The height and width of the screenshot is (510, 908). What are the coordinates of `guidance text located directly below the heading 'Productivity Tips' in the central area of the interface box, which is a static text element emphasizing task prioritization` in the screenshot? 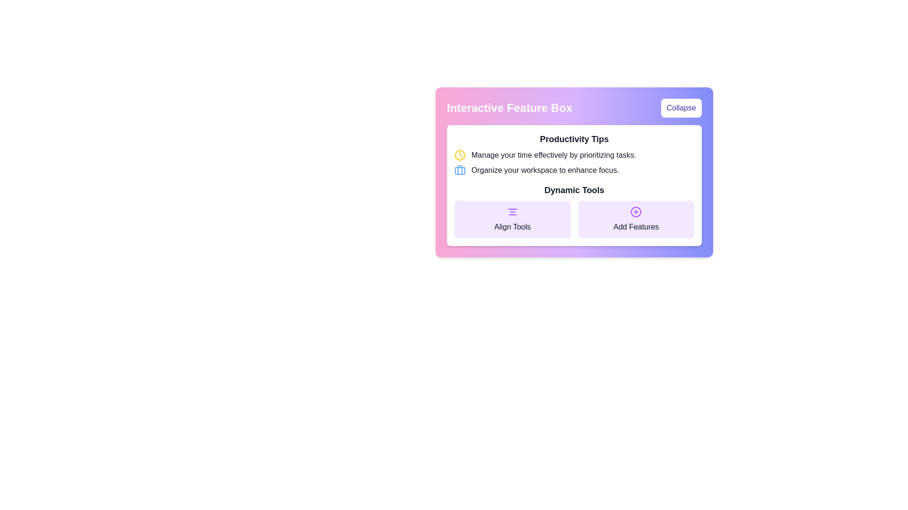 It's located at (554, 154).